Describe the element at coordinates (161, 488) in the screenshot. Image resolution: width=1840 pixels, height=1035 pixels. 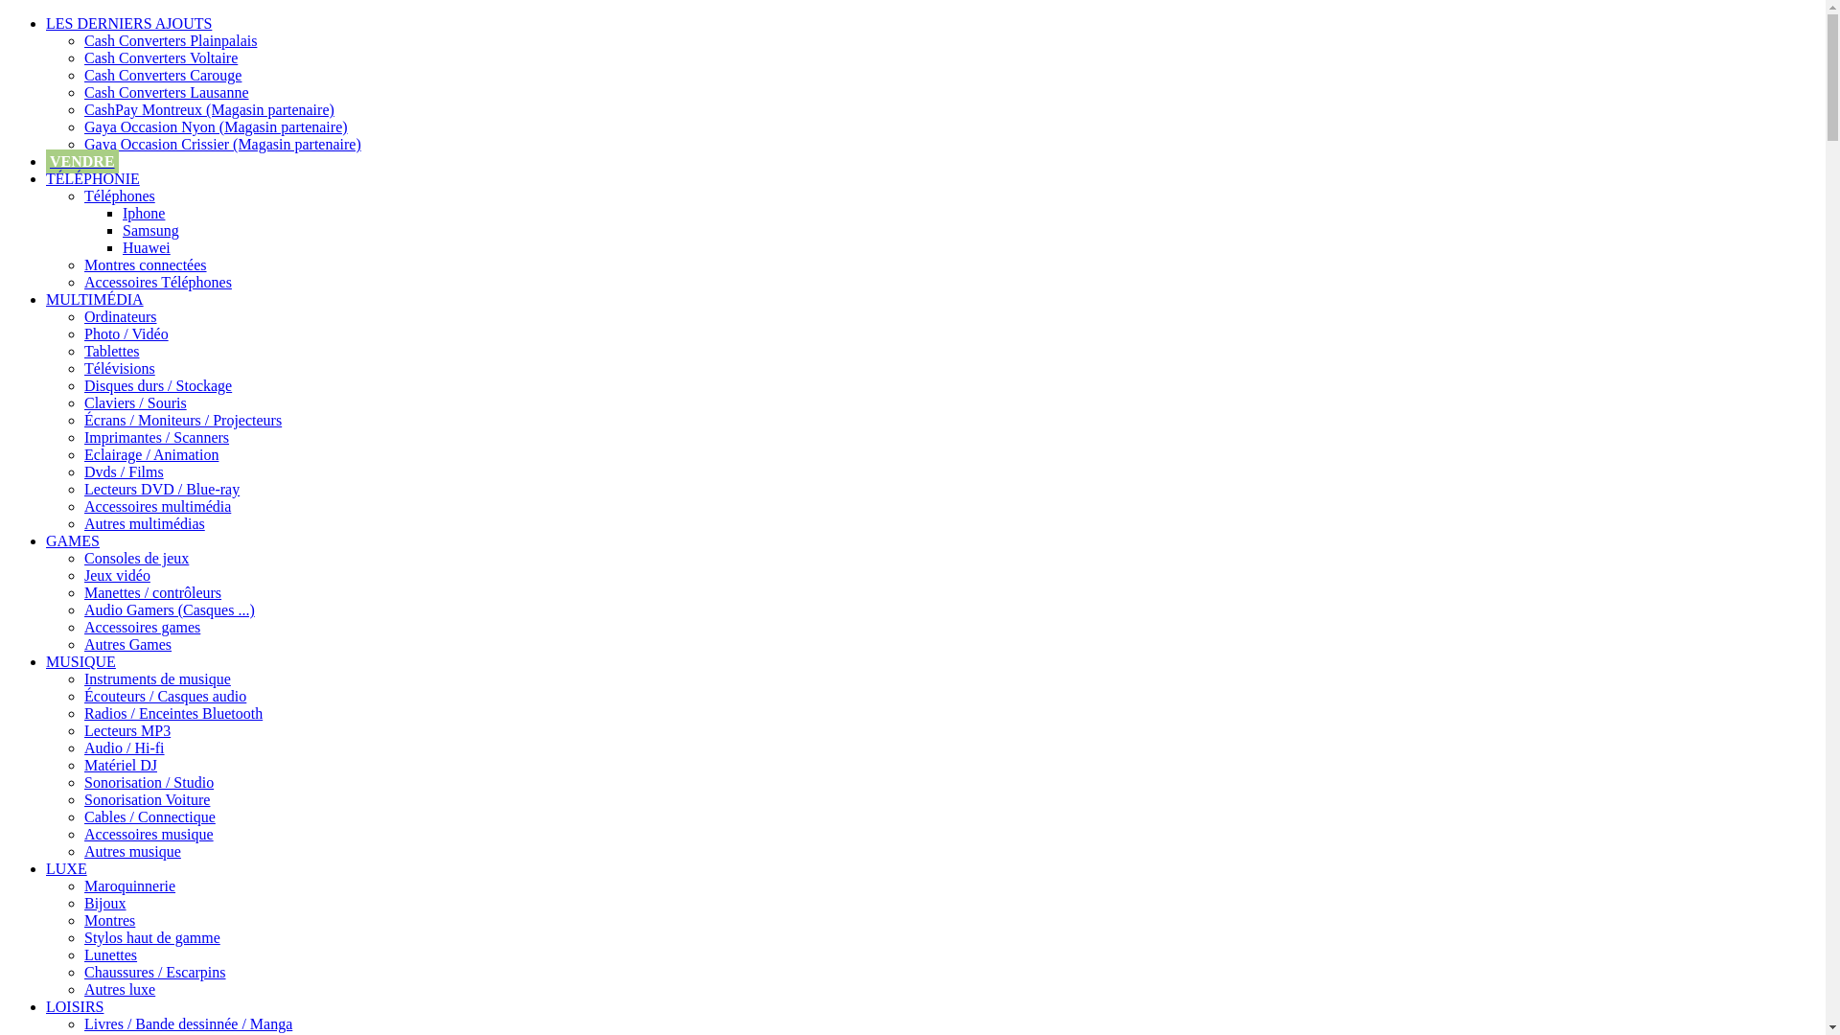
I see `'Lecteurs DVD / Blue-ray'` at that location.